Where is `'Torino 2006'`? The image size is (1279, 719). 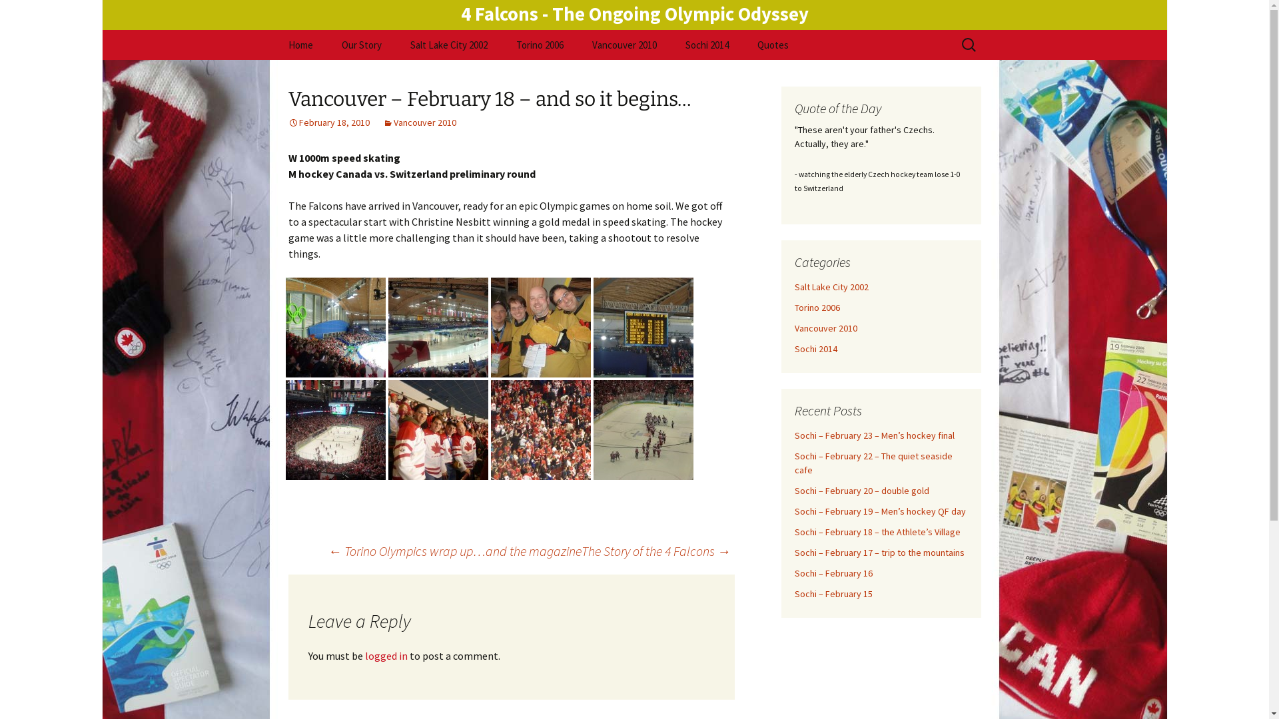 'Torino 2006' is located at coordinates (793, 308).